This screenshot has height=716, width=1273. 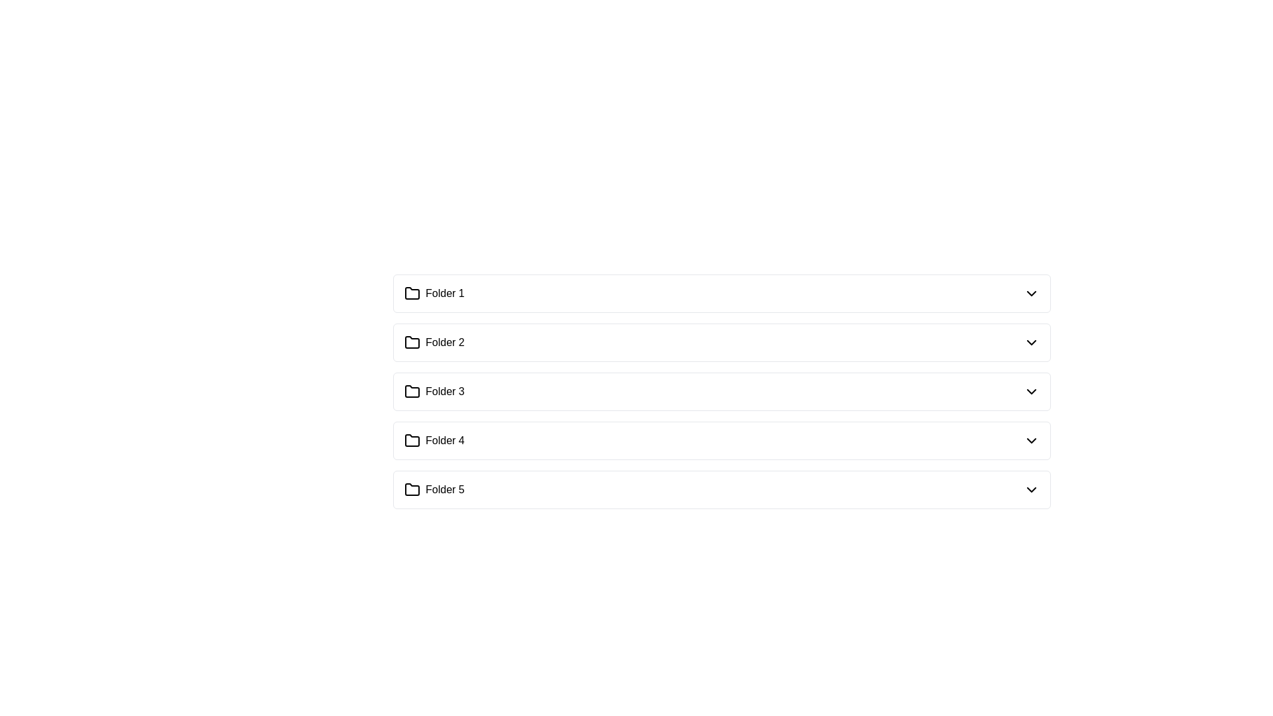 I want to click on the folder icon representing 'Folder 3', which is located to the left of the 'Folder 3' label in the list of folders, so click(x=412, y=390).